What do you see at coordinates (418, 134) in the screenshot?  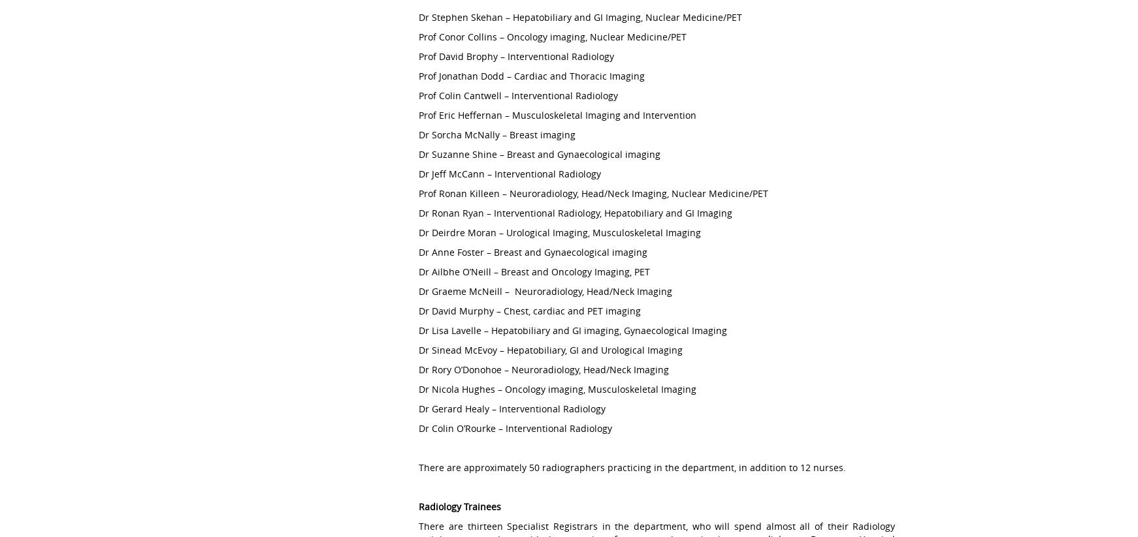 I see `'Dr Sorcha McNally – Breast imaging'` at bounding box center [418, 134].